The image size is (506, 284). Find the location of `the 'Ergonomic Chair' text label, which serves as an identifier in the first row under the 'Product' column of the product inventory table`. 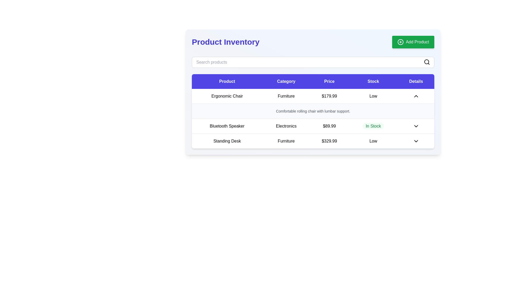

the 'Ergonomic Chair' text label, which serves as an identifier in the first row under the 'Product' column of the product inventory table is located at coordinates (227, 96).